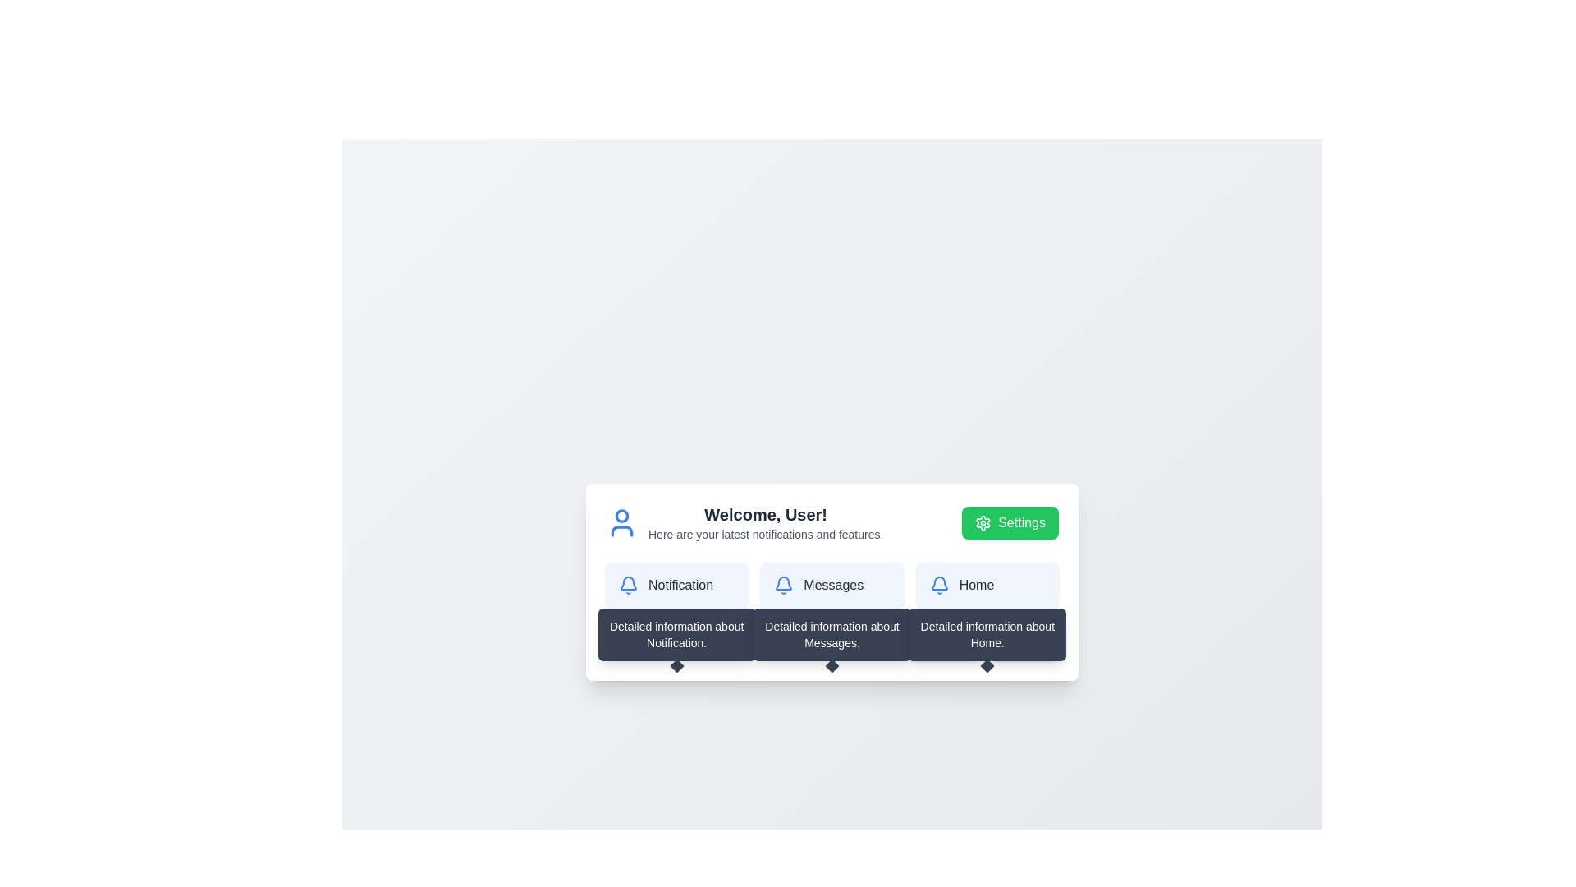  I want to click on the 'Logout' button with a red background and white text, so click(1024, 644).